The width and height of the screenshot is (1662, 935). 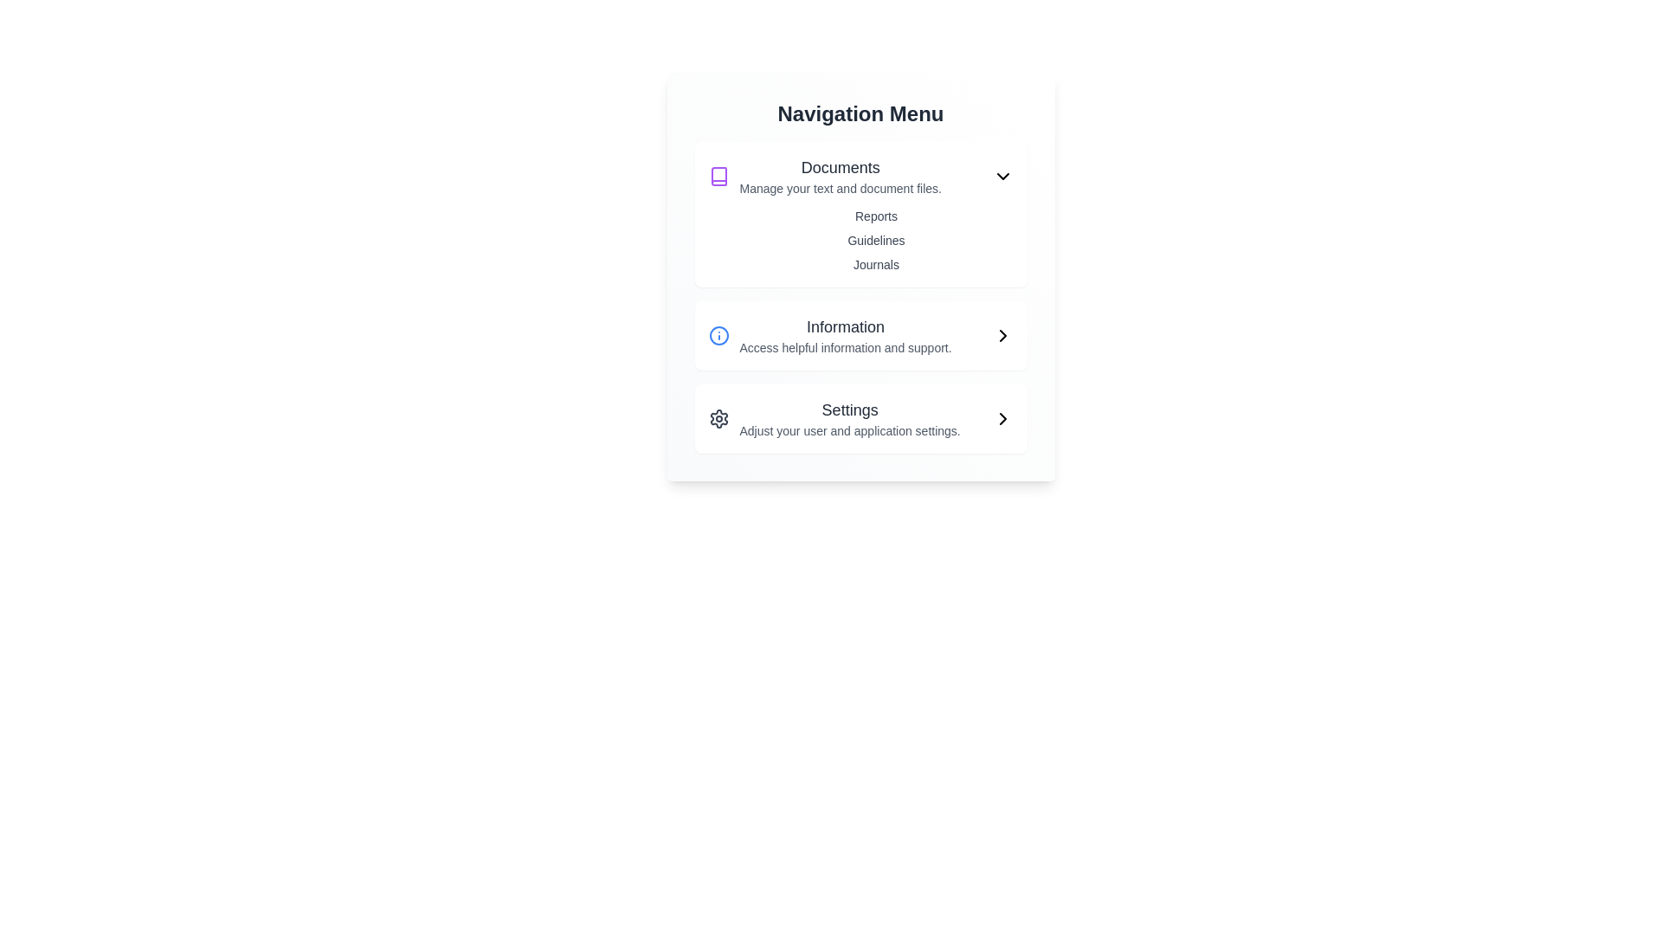 What do you see at coordinates (850, 410) in the screenshot?
I see `the title text in the settings section that provides context for the accompanying options` at bounding box center [850, 410].